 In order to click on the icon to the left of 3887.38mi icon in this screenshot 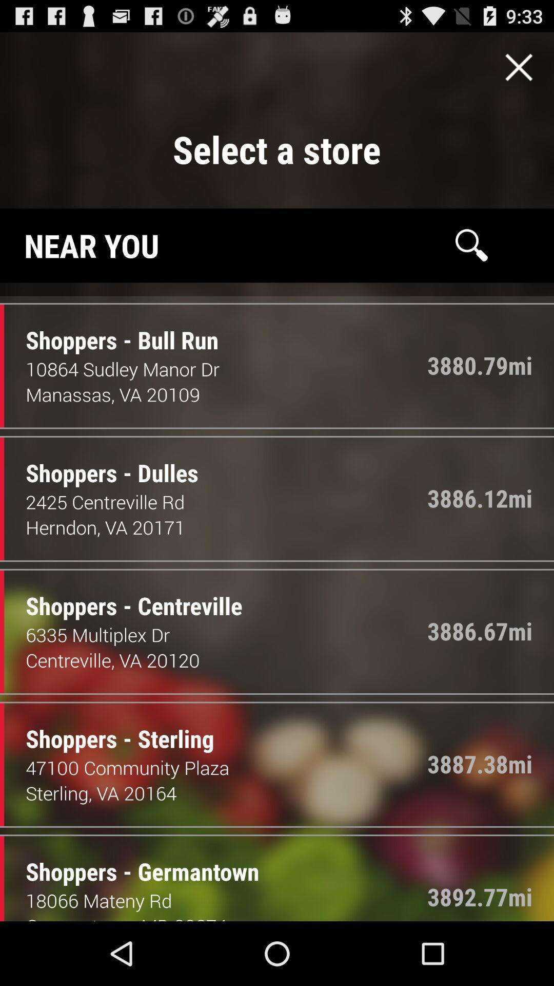, I will do `click(112, 728)`.